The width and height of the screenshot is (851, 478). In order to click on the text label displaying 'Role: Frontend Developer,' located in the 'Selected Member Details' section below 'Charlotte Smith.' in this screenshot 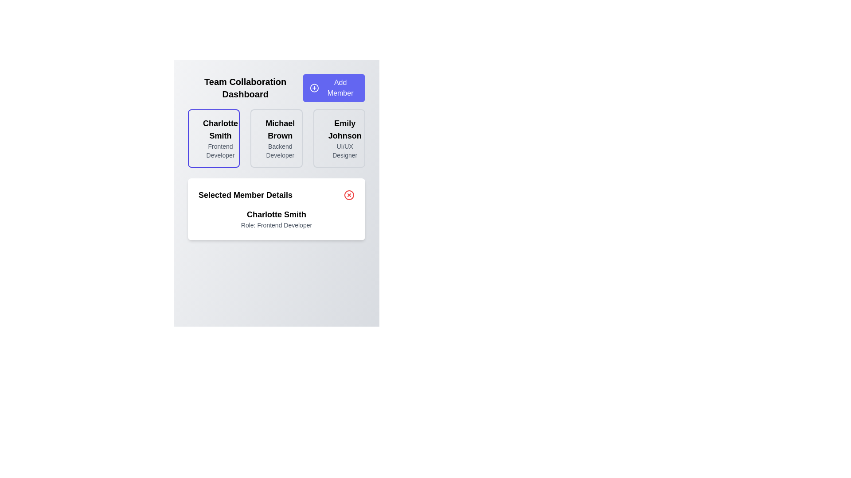, I will do `click(276, 225)`.